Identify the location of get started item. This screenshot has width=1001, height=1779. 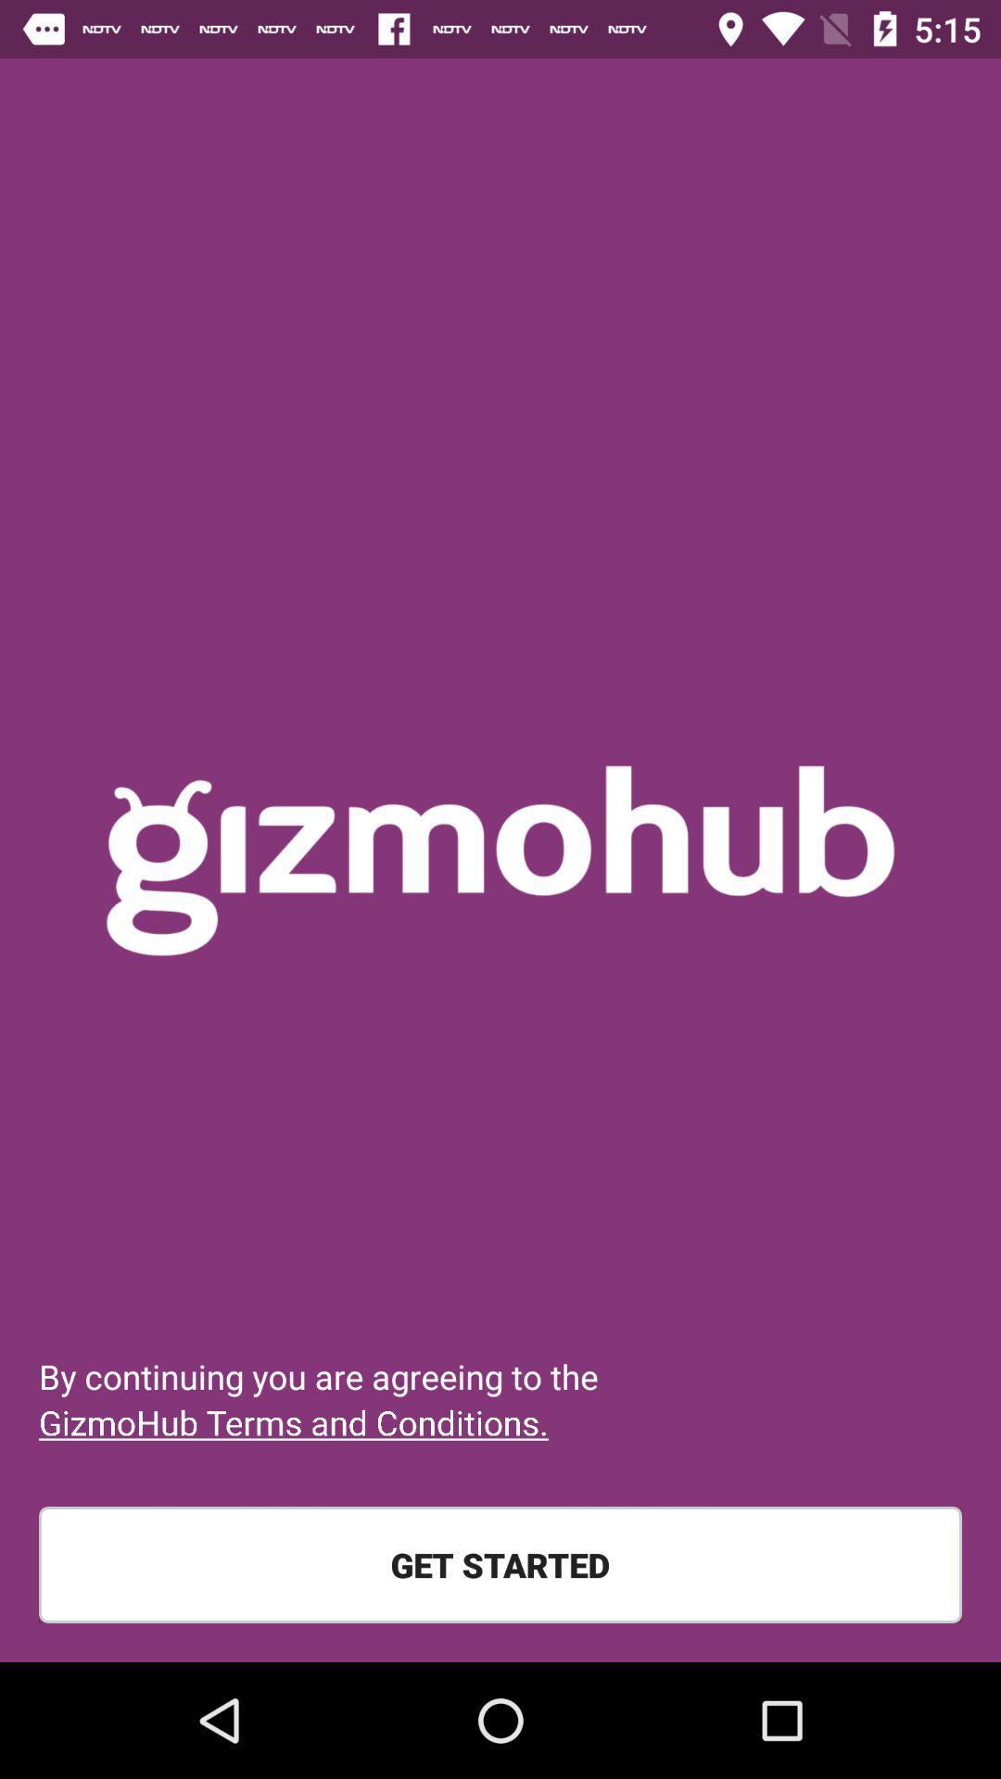
(500, 1564).